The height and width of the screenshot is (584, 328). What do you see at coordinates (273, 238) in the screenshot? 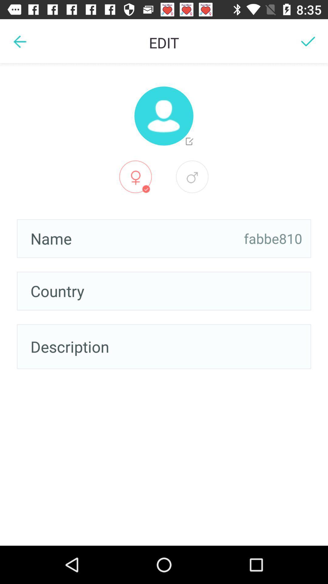
I see `the icon next to the name` at bounding box center [273, 238].